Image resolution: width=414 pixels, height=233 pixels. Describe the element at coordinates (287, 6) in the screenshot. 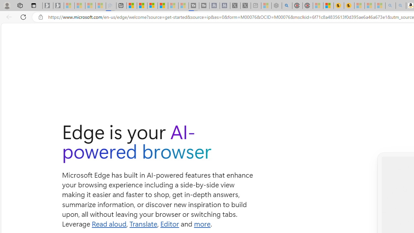

I see `'poe - Search'` at that location.